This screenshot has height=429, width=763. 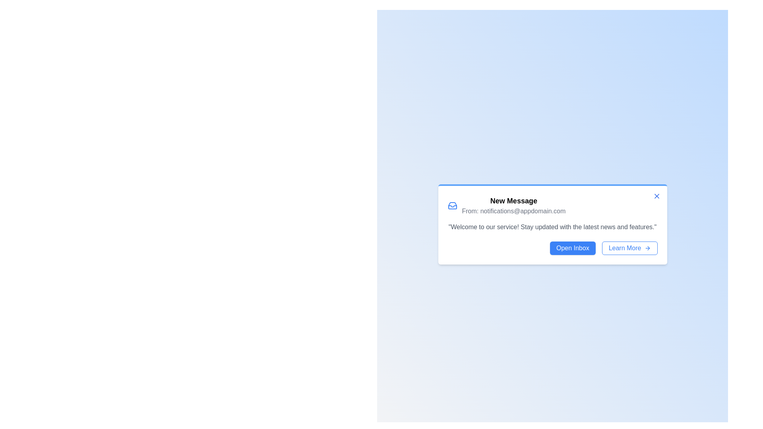 I want to click on the 'X' button to close the alert message, so click(x=656, y=196).